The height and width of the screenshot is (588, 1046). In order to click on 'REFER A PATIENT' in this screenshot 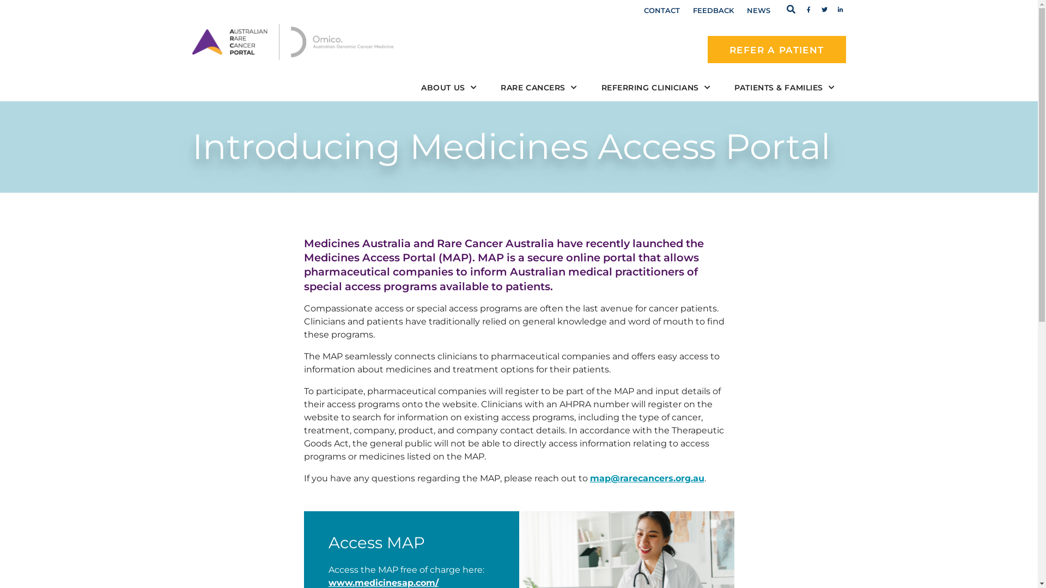, I will do `click(776, 50)`.